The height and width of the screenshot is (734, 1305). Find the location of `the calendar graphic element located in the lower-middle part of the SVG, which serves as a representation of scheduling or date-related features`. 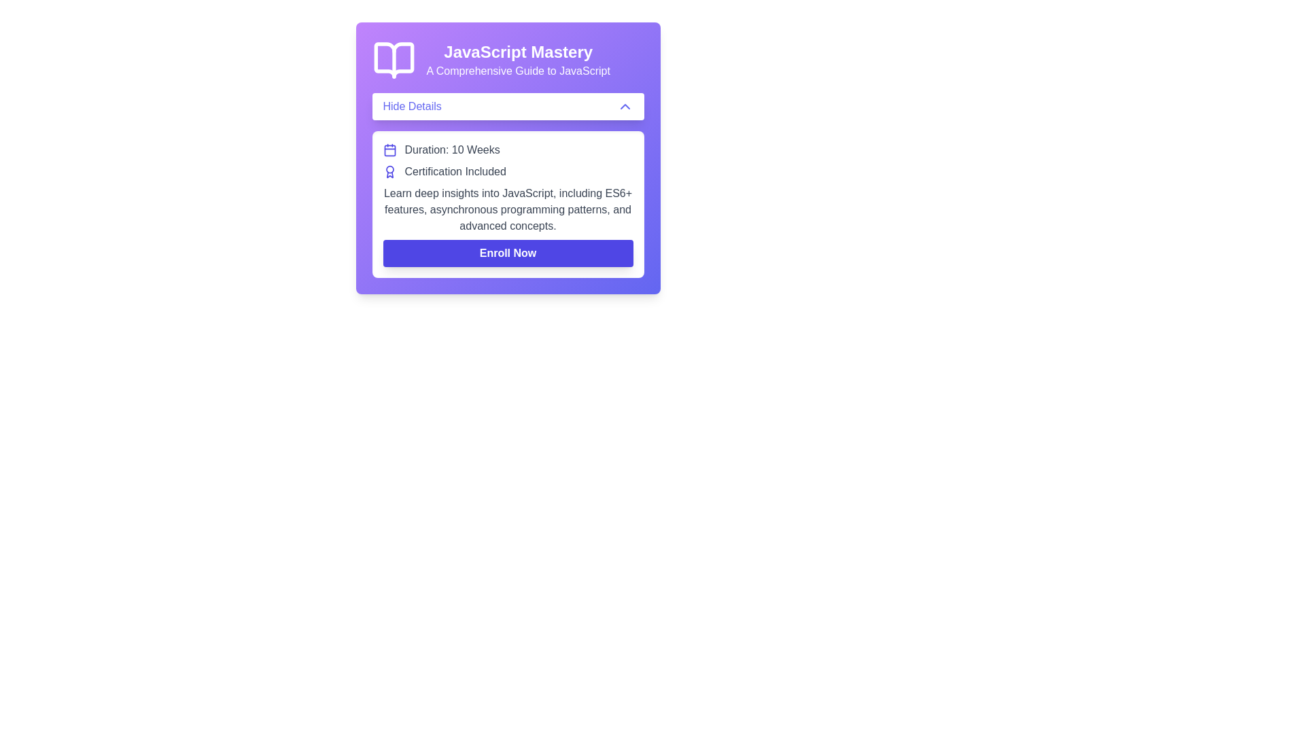

the calendar graphic element located in the lower-middle part of the SVG, which serves as a representation of scheduling or date-related features is located at coordinates (389, 150).